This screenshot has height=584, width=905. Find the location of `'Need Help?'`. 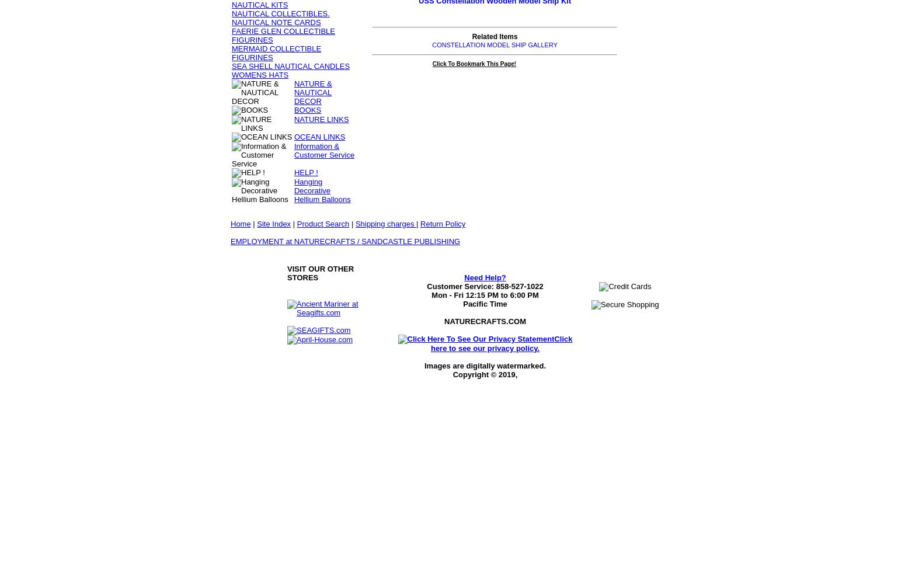

'Need Help?' is located at coordinates (484, 277).